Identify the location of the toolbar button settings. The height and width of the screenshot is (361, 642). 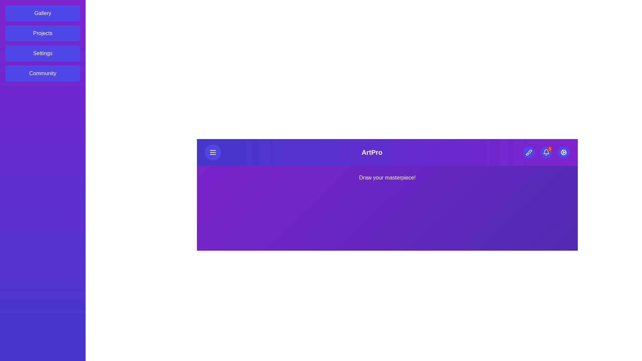
(563, 152).